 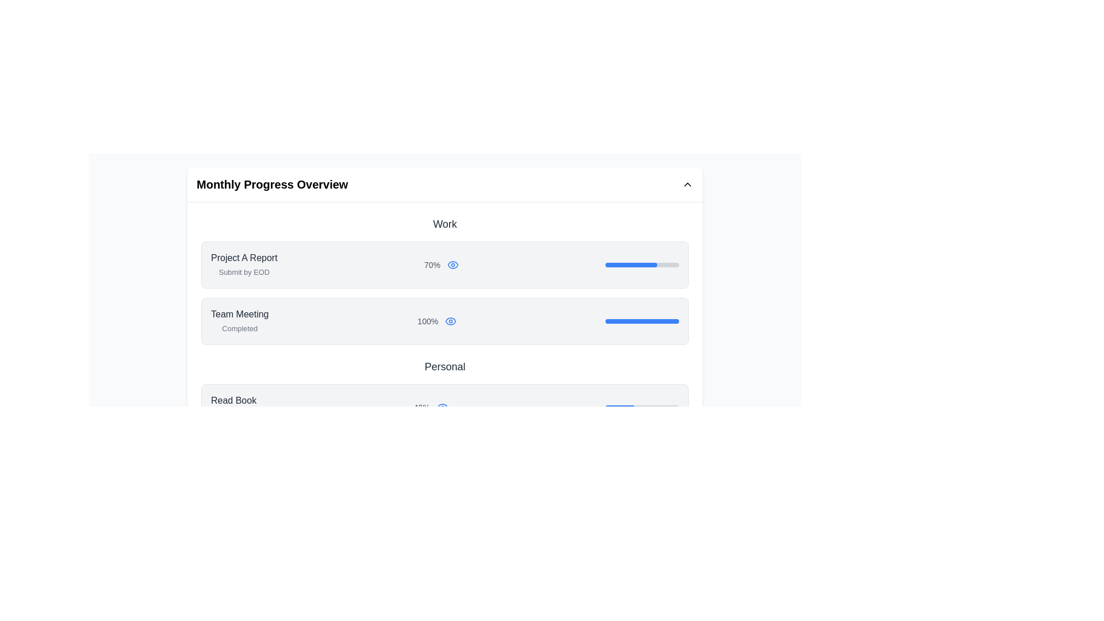 I want to click on the static text label displaying '100%' which is styled in a small-sized, gray font and is part of the 'Team Meeting' progress section within the 'Work' group of tasks, so click(x=427, y=321).